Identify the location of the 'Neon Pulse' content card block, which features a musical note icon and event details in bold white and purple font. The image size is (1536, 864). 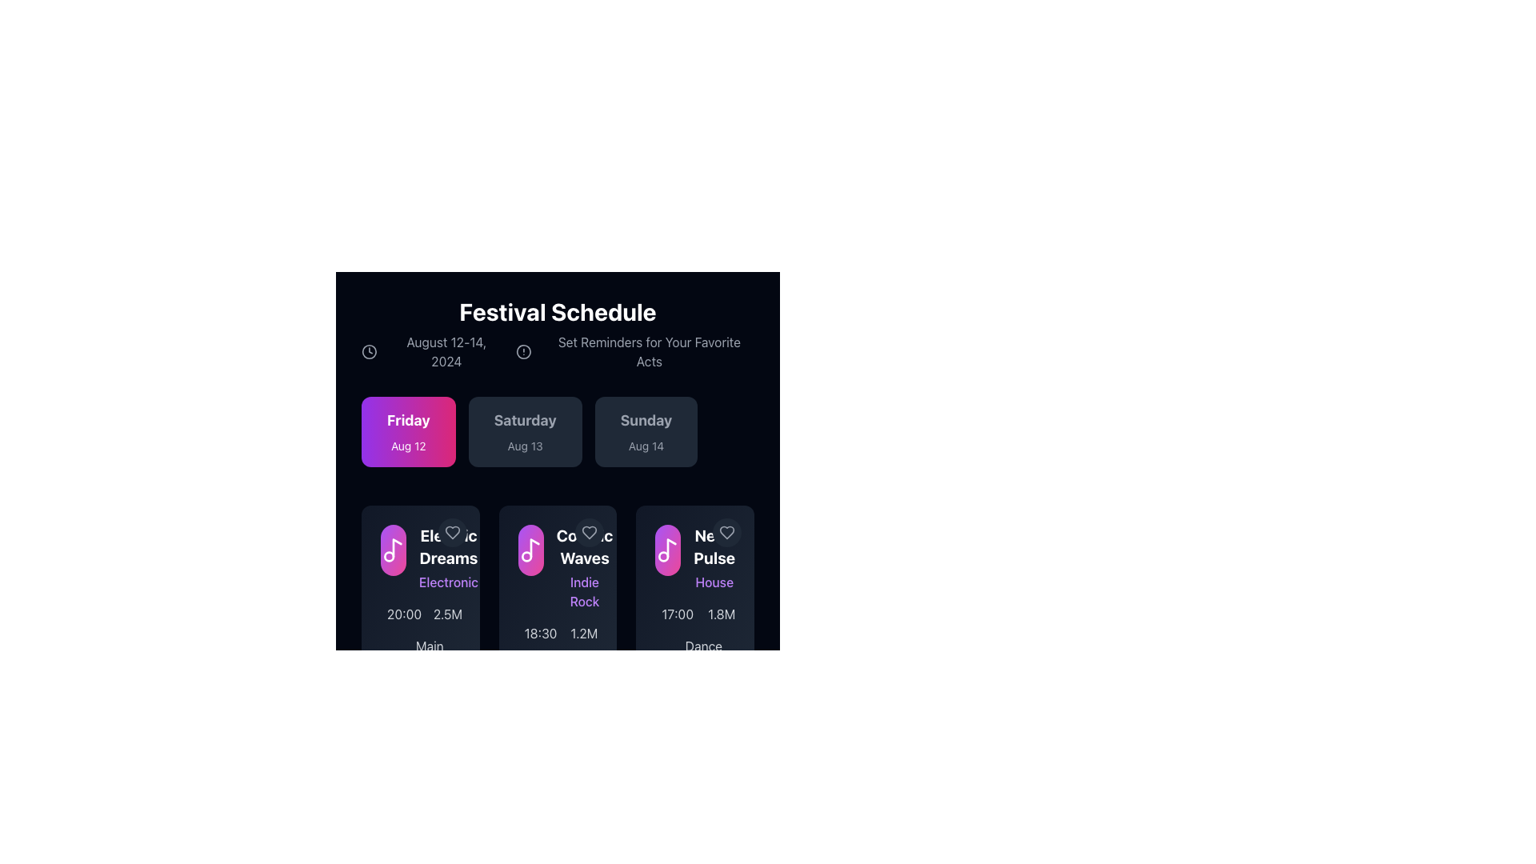
(695, 558).